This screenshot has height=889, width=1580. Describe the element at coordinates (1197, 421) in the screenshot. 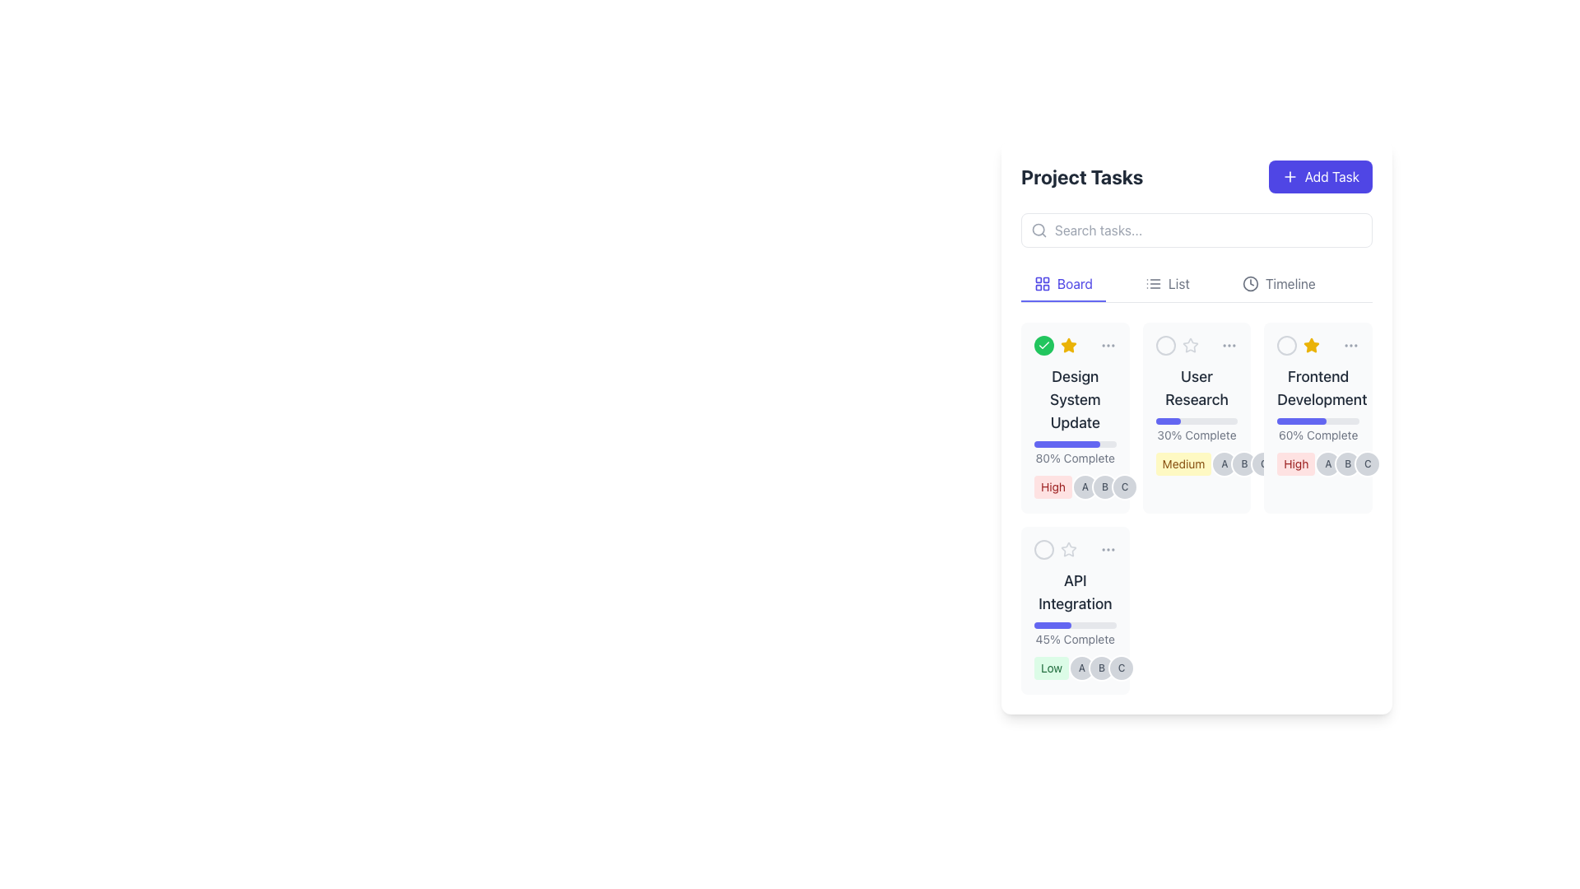

I see `progress value of the horizontal progress bar located in the 'User Research' card within the 'Project Tasks' section, which is filled with a blue segment indicating approximately 30% progress` at that location.